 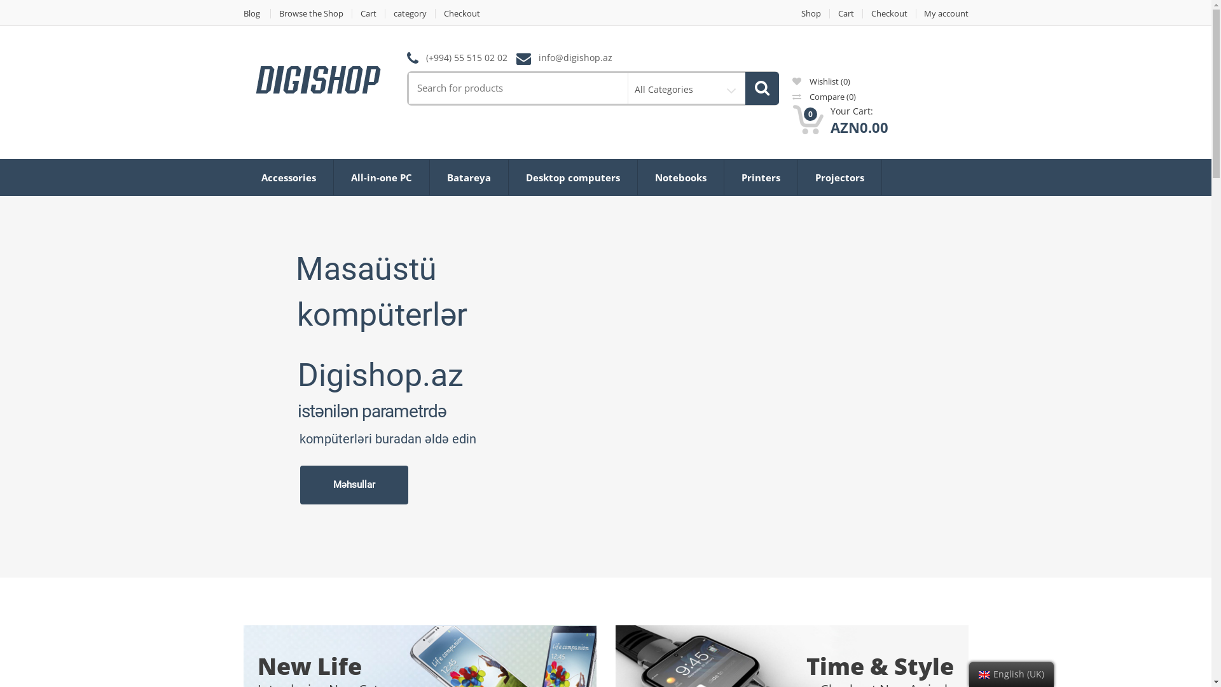 I want to click on 'Blog', so click(x=256, y=13).